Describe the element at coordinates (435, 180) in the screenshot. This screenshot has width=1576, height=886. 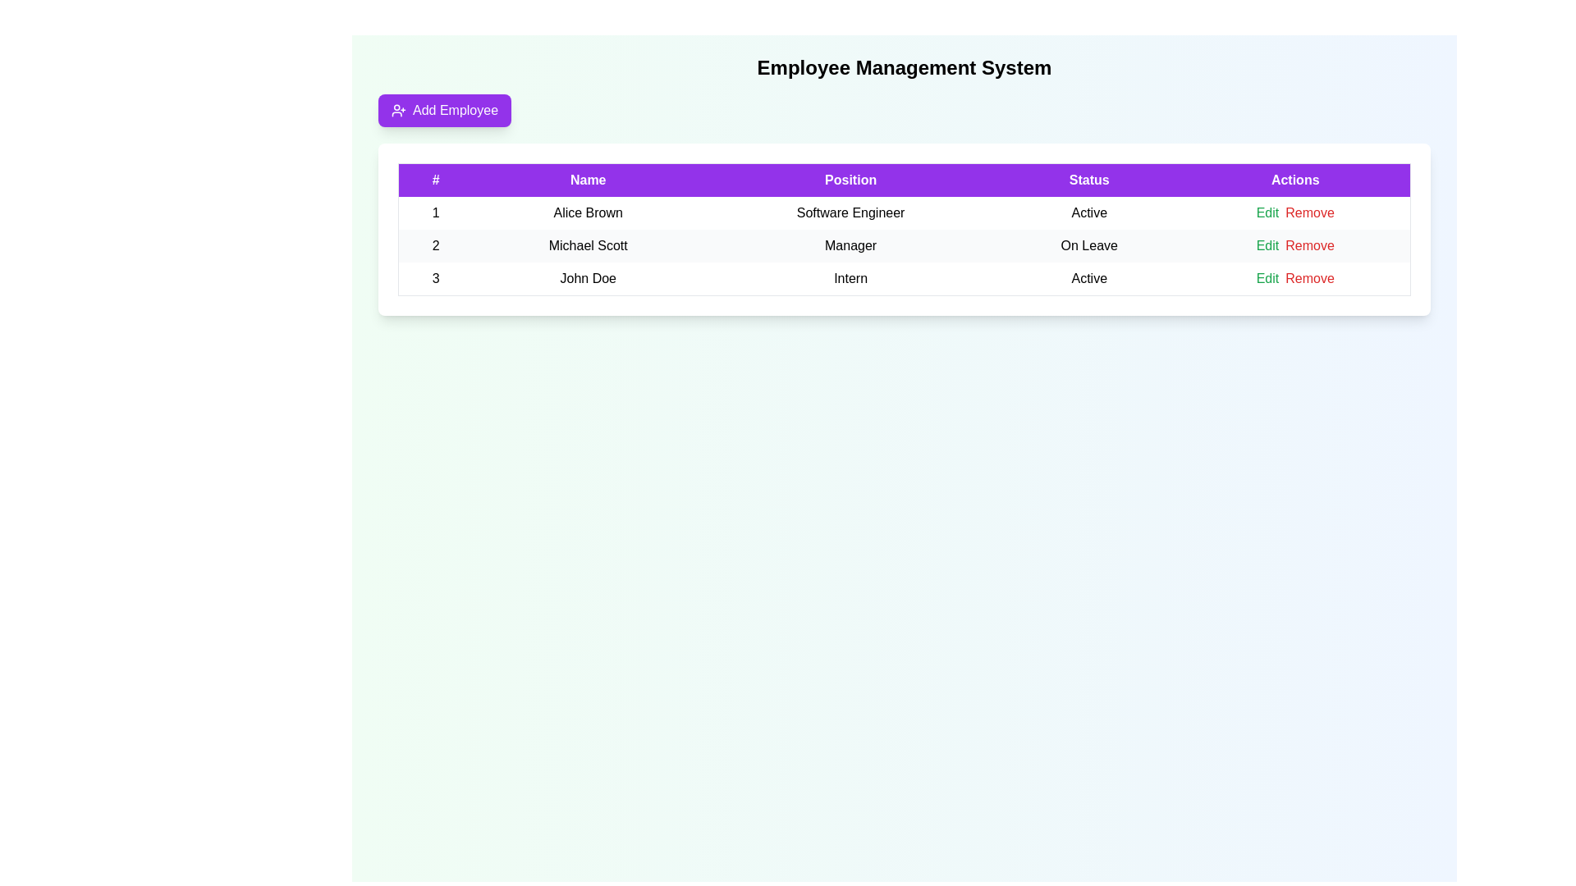
I see `the first header cell in the table that serves as a placeholder for row numbering, located on the leftmost side before the headers 'Name', 'Position', 'Status', and 'Actions'` at that location.